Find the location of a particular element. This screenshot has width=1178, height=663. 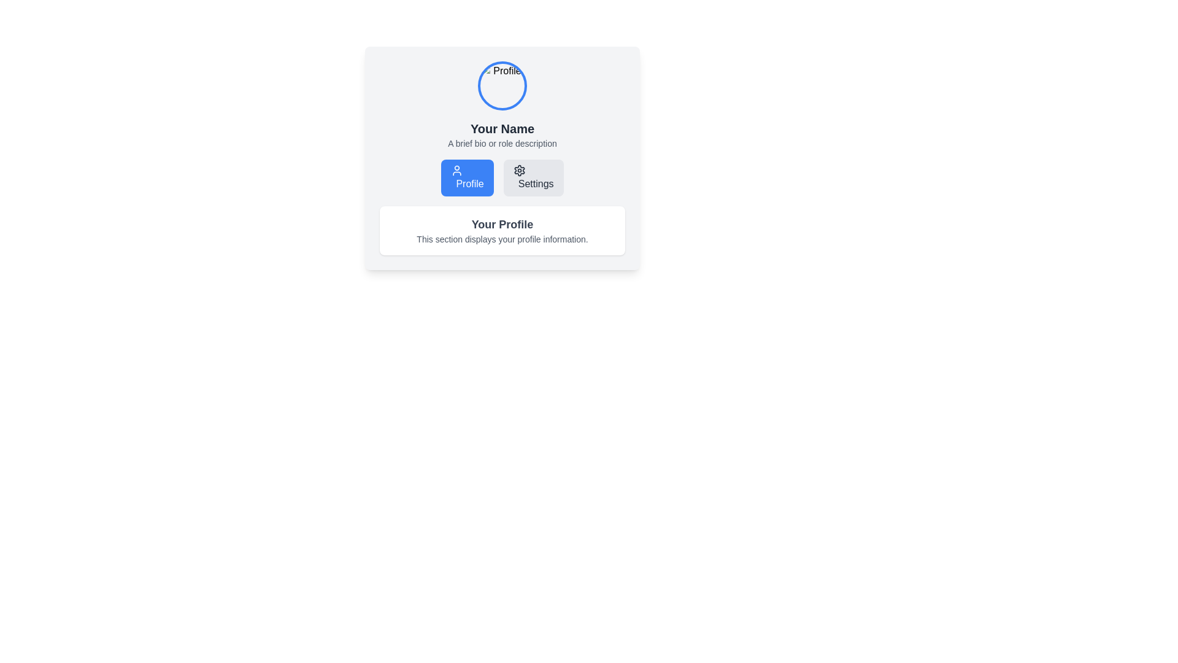

the button located below the text 'Your Name' and to the left of the 'Settings' button is located at coordinates (467, 177).